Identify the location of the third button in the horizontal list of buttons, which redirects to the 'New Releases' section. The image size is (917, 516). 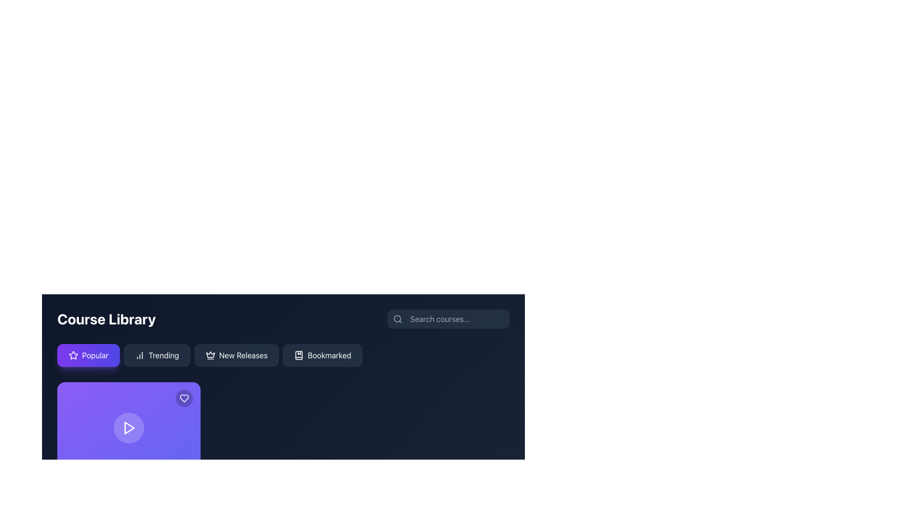
(236, 355).